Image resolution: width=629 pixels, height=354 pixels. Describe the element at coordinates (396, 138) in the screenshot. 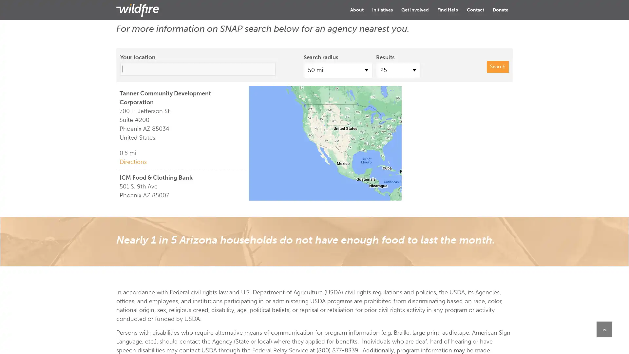

I see `Maricopa Community Colleges: GateWay` at that location.